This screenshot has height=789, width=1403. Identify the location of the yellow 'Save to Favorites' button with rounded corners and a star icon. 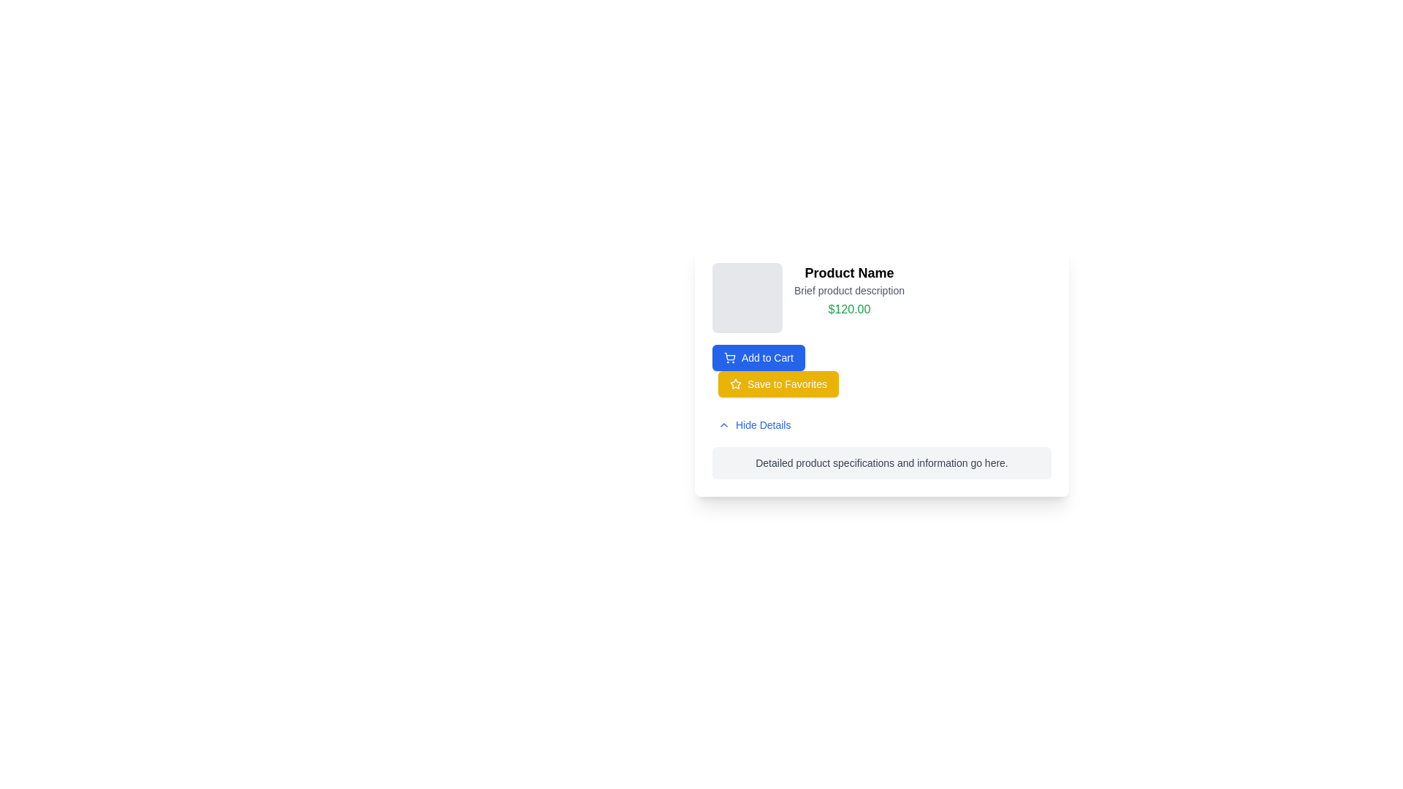
(777, 383).